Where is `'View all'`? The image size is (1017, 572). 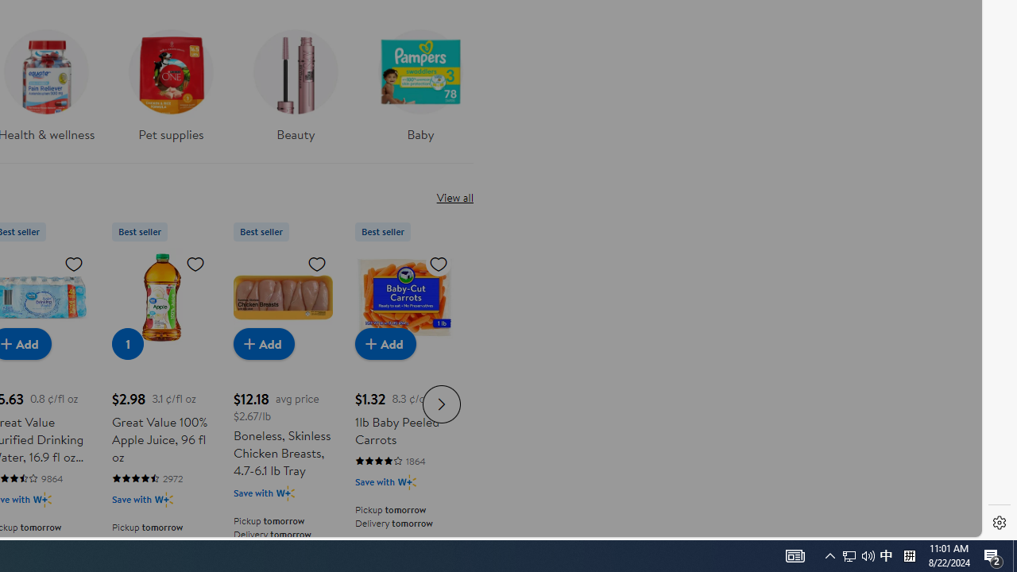
'View all' is located at coordinates (454, 196).